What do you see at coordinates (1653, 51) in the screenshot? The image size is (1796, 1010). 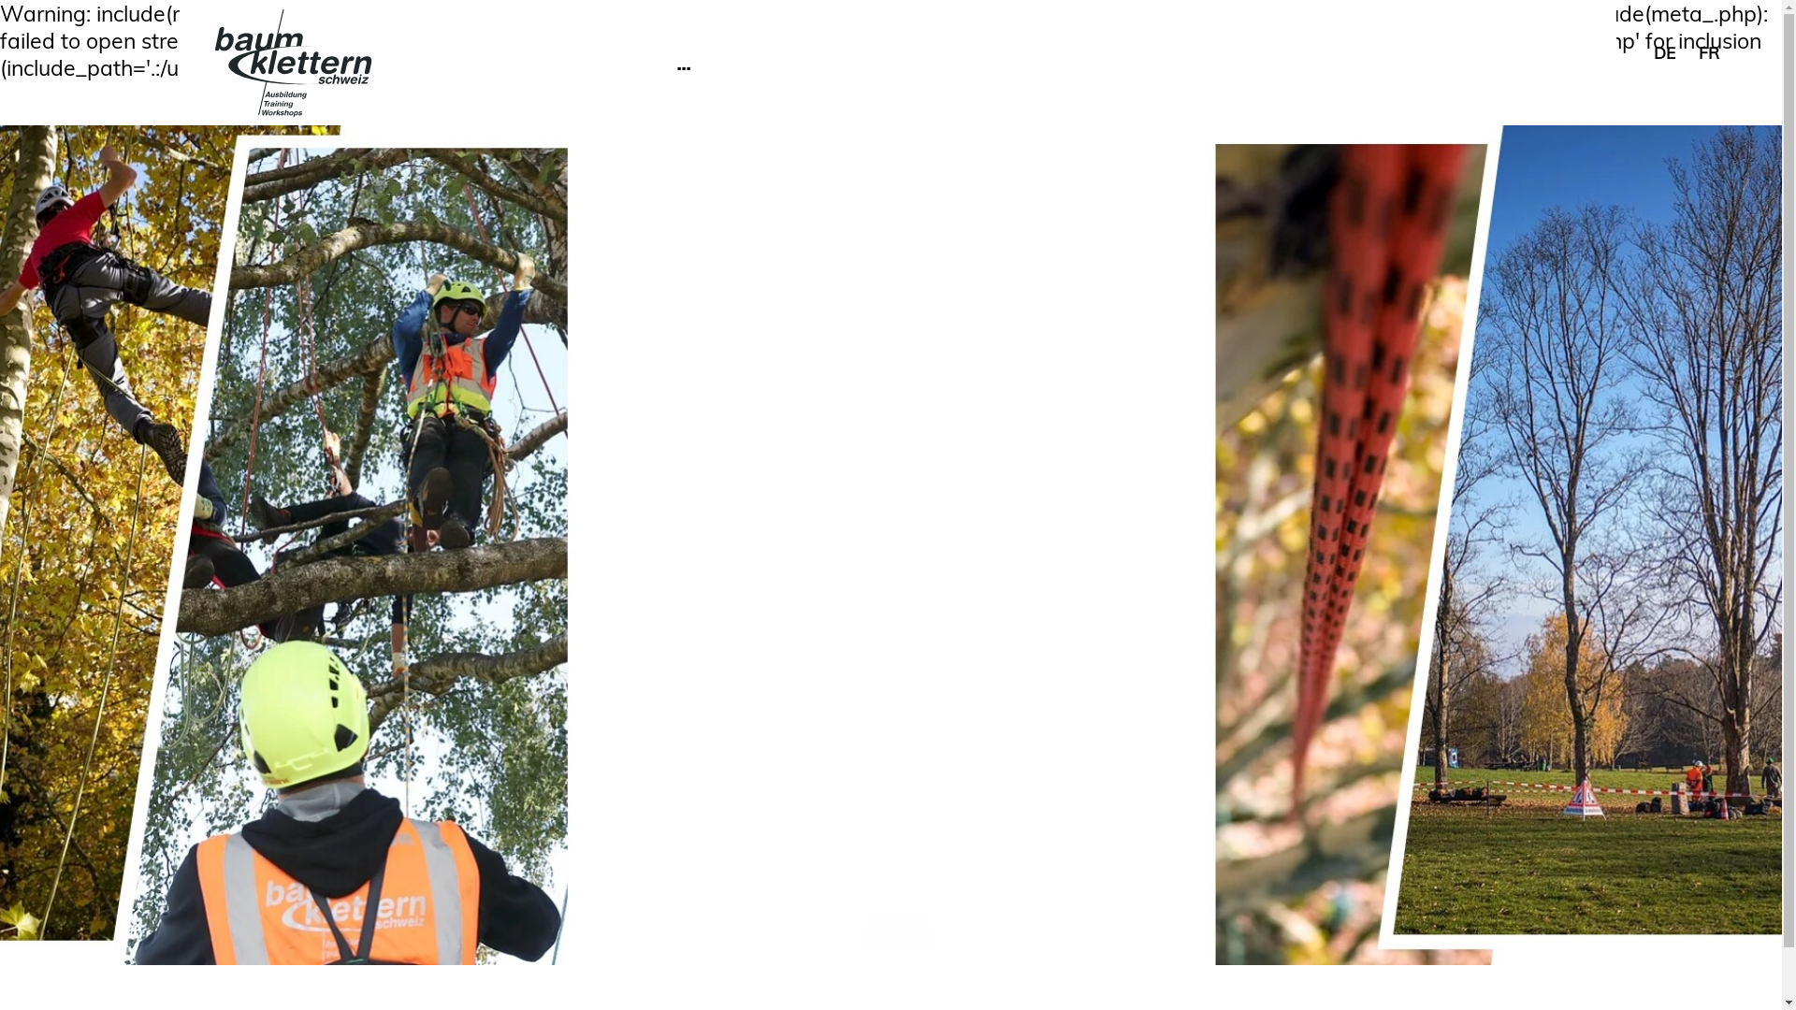 I see `'DE'` at bounding box center [1653, 51].